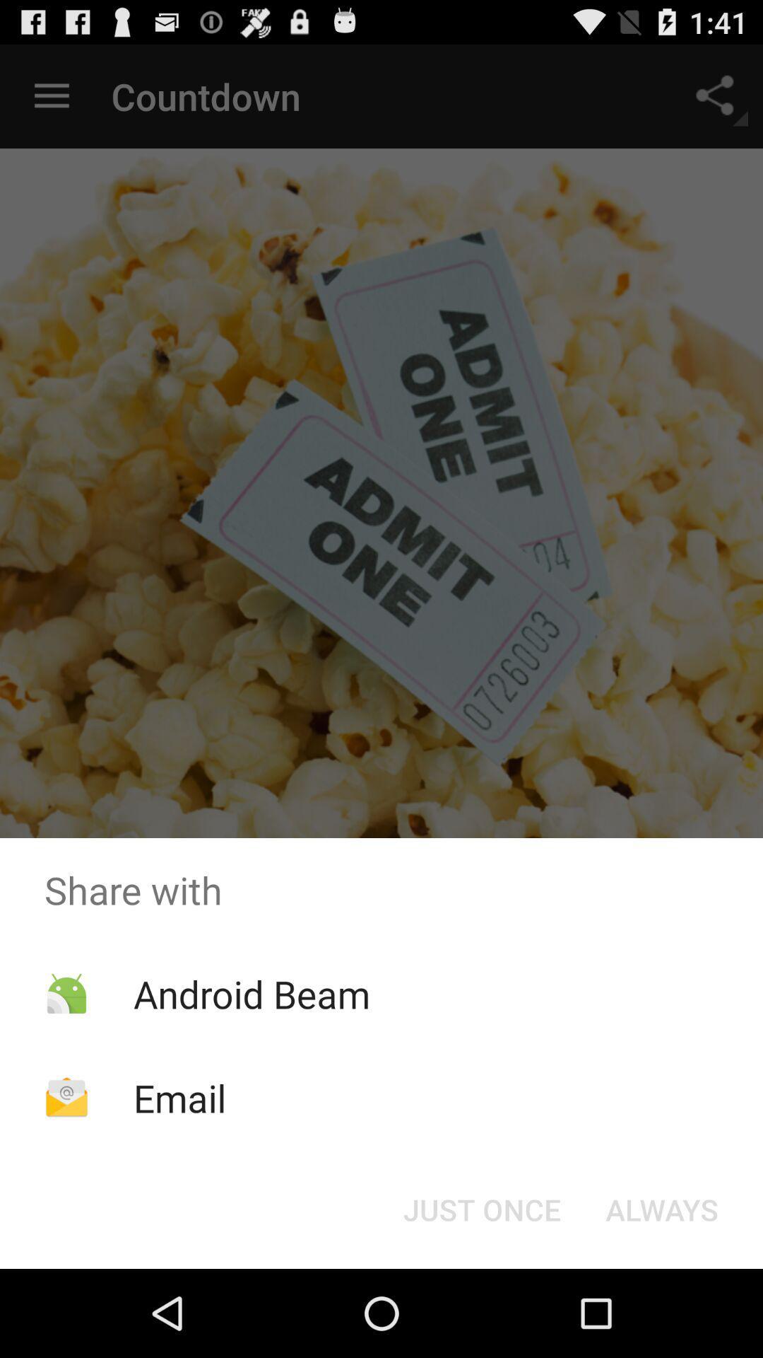 This screenshot has width=763, height=1358. What do you see at coordinates (481, 1208) in the screenshot?
I see `just once item` at bounding box center [481, 1208].